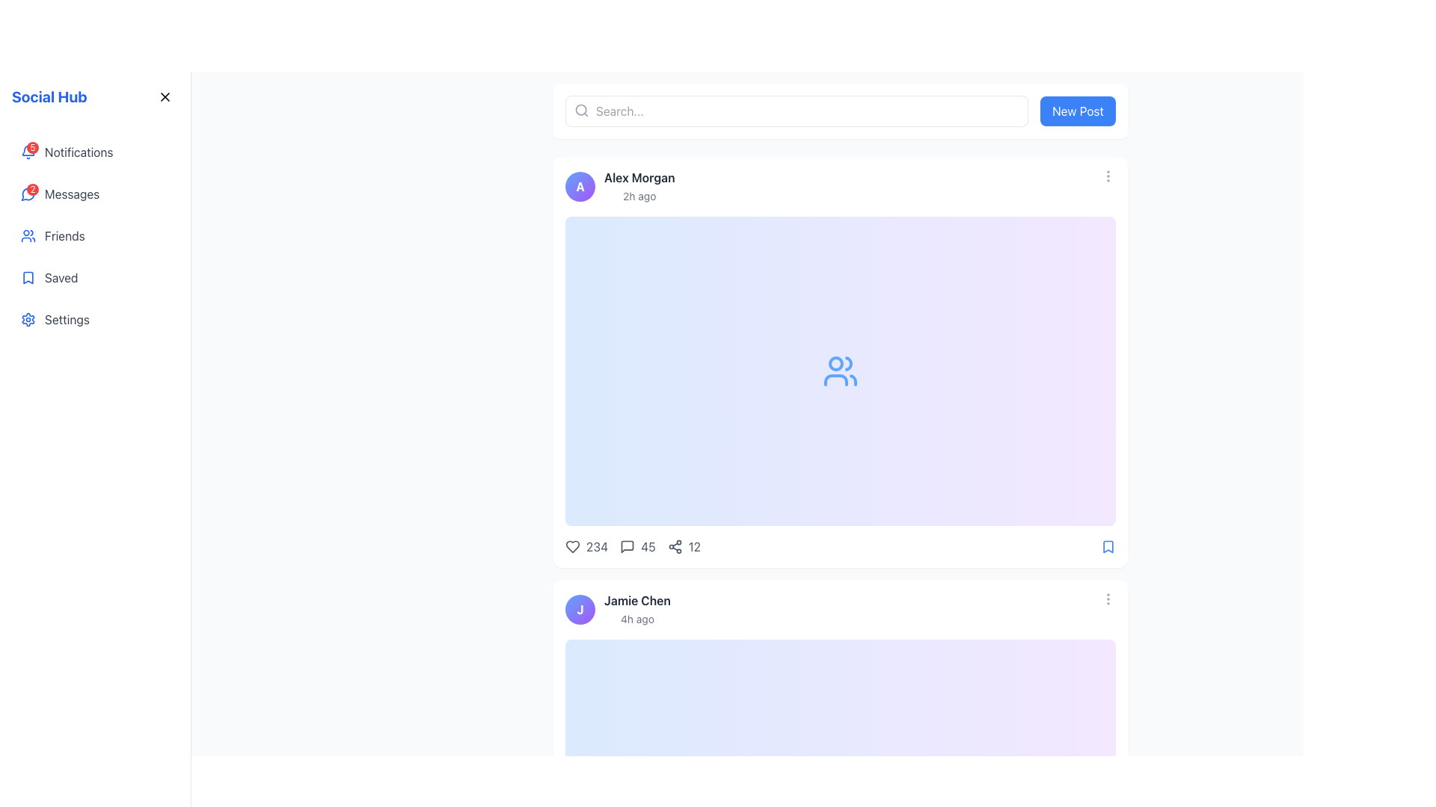 Image resolution: width=1436 pixels, height=807 pixels. I want to click on the 'Messages' text label in the vertical navigation menu, which is the second item in the list and is located to the right of a chat bubble icon, so click(71, 193).